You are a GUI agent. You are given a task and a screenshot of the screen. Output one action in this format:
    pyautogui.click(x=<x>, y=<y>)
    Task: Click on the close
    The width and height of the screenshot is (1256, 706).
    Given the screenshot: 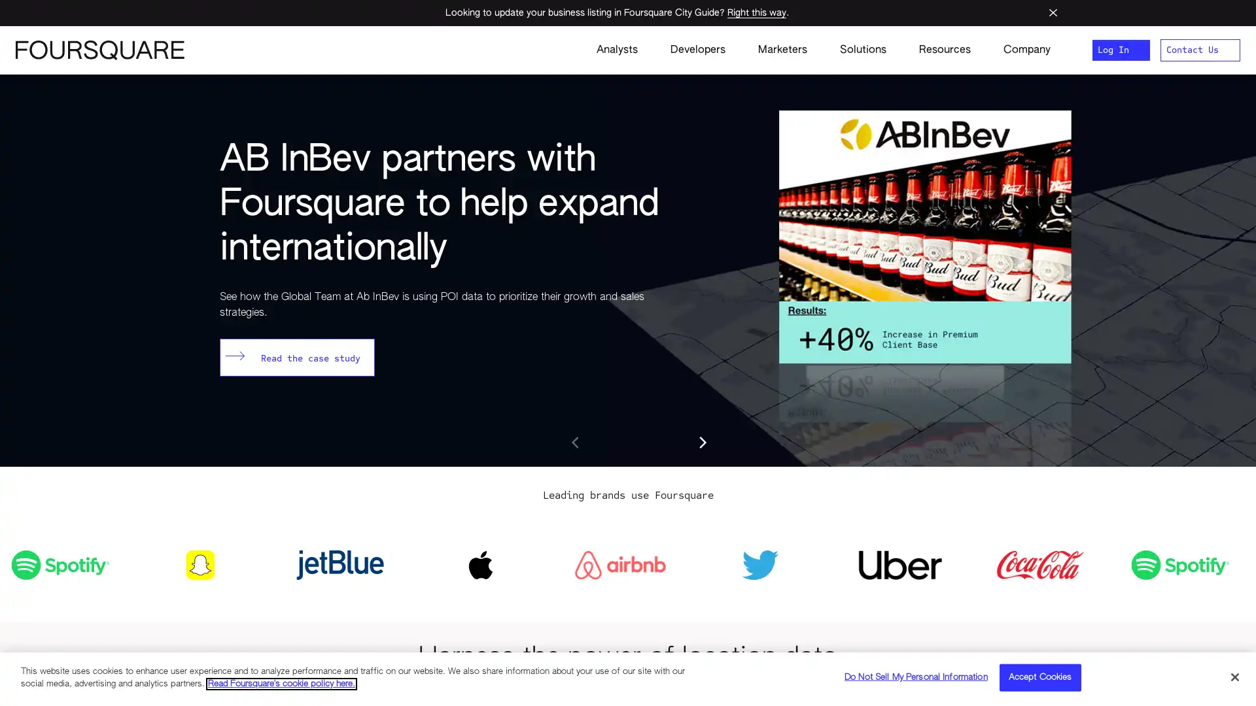 What is the action you would take?
    pyautogui.click(x=1053, y=12)
    